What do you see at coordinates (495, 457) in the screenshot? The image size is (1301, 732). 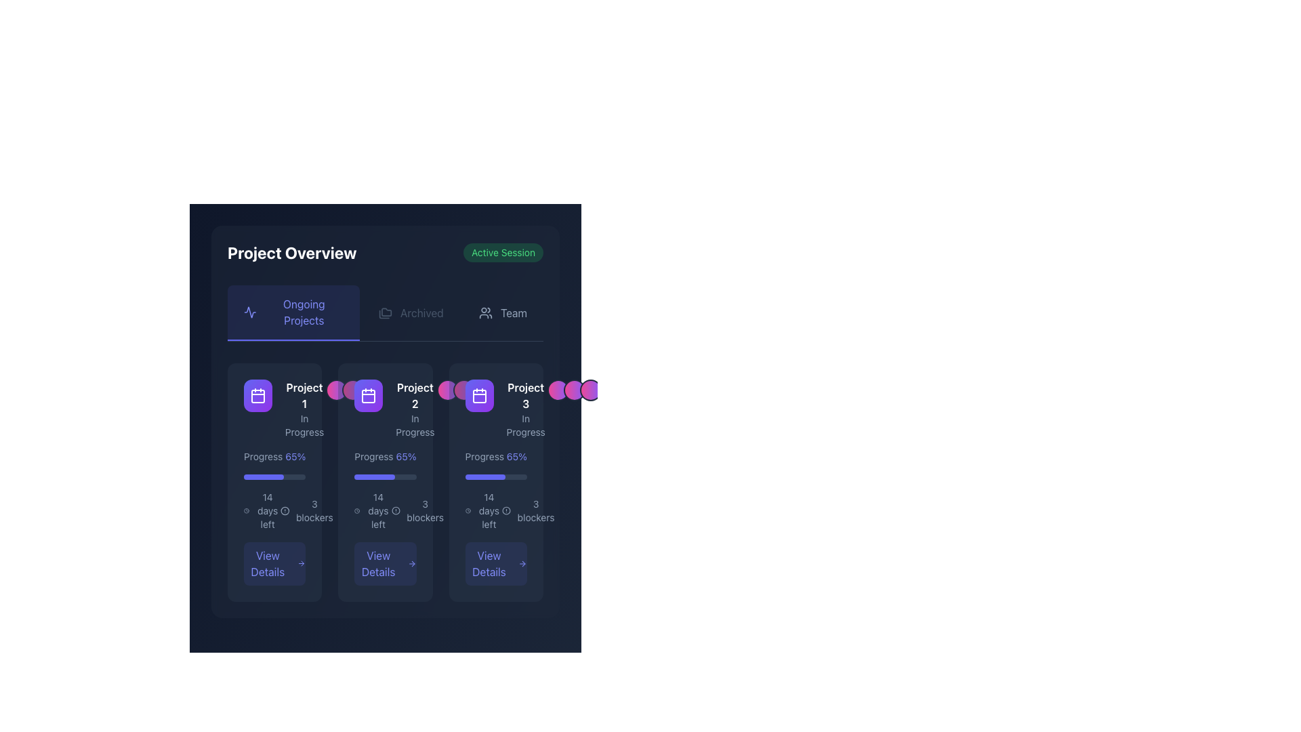 I see `the progress percentage text label located in the third card under 'Project Overview' for 'Project 3', positioned below the 'In Progress' header and above the progress bar` at bounding box center [495, 457].